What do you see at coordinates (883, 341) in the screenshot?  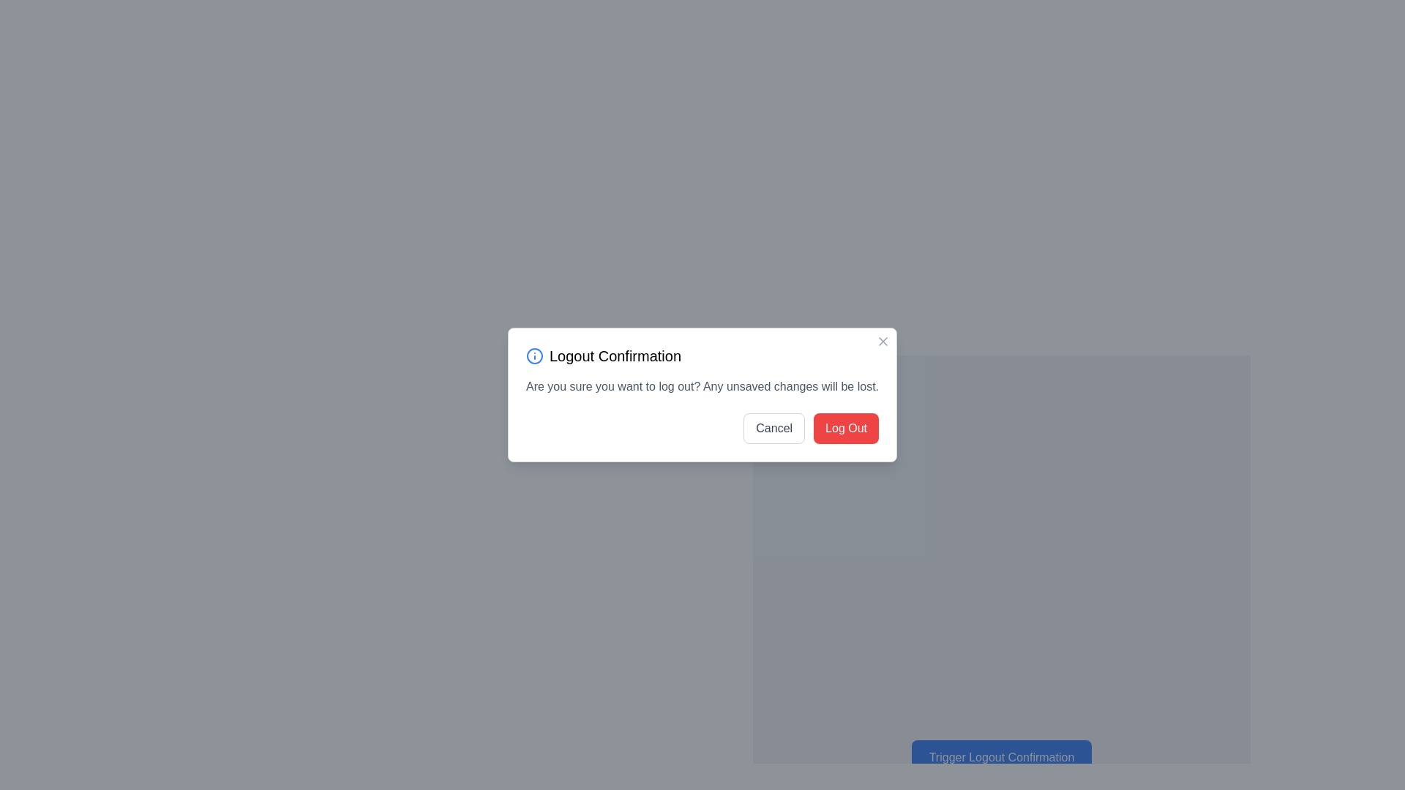 I see `the Close Button icon, which is a small gray 'X' located at the top-right corner of the logout confirmation dialog` at bounding box center [883, 341].